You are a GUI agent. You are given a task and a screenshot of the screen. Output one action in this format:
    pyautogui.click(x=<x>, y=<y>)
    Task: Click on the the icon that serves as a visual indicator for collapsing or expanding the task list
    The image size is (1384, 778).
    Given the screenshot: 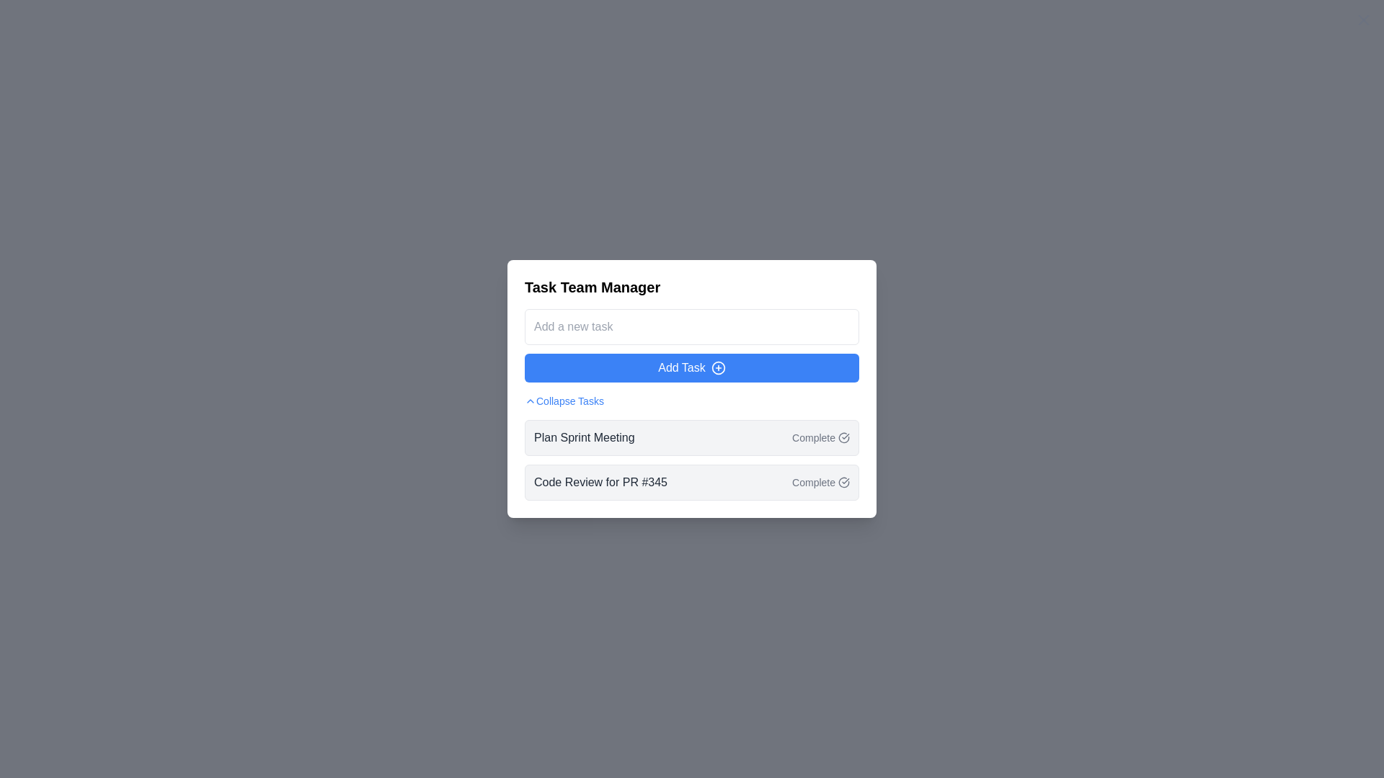 What is the action you would take?
    pyautogui.click(x=529, y=401)
    